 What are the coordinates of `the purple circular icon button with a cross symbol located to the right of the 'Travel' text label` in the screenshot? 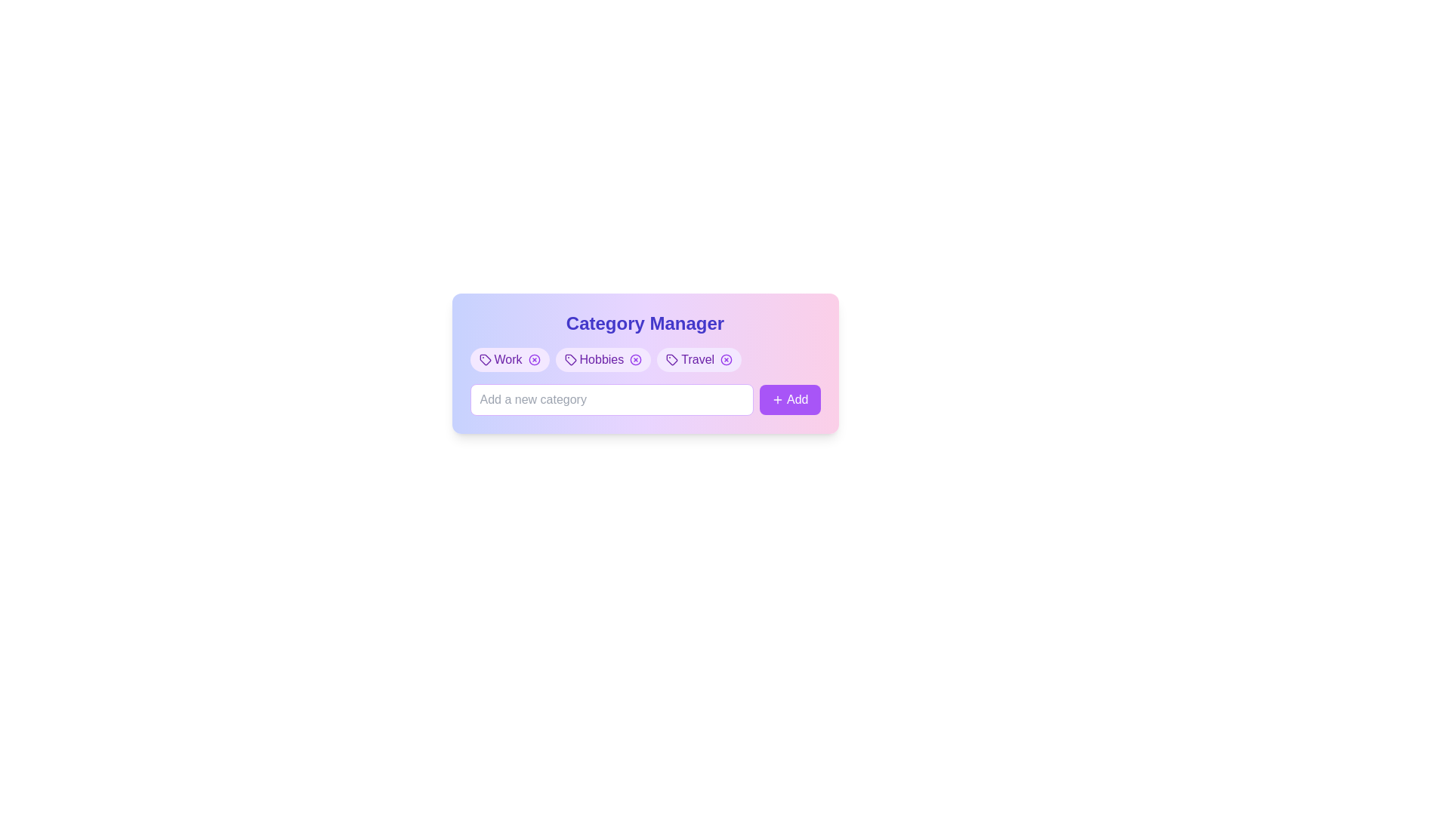 It's located at (727, 360).